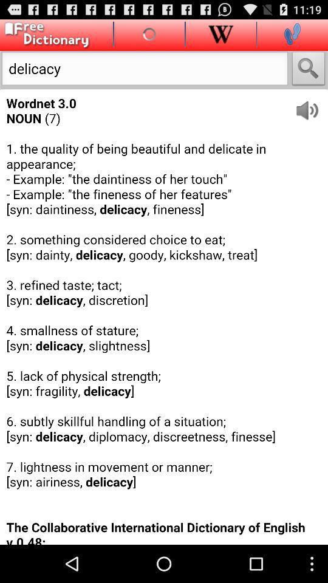  I want to click on voice on/off option, so click(311, 106).